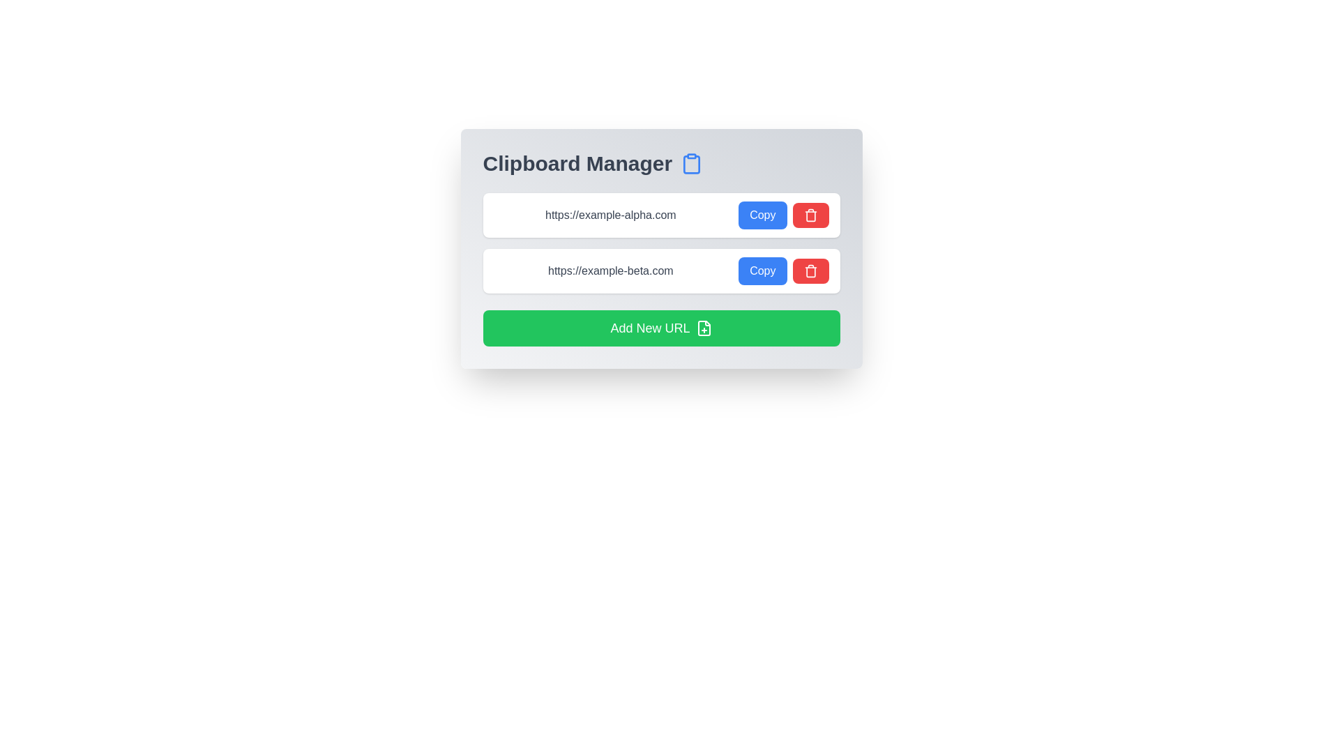 This screenshot has height=753, width=1339. What do you see at coordinates (810, 215) in the screenshot?
I see `the prominent red delete button with a trash bin icon, located to the right of the blue 'Copy' button in the clipboard manager interface` at bounding box center [810, 215].